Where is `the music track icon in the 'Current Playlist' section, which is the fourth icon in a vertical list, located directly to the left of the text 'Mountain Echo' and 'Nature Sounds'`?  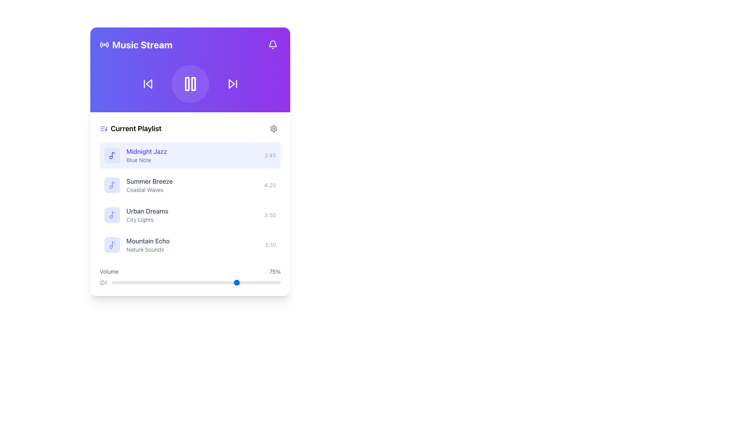
the music track icon in the 'Current Playlist' section, which is the fourth icon in a vertical list, located directly to the left of the text 'Mountain Echo' and 'Nature Sounds' is located at coordinates (112, 245).